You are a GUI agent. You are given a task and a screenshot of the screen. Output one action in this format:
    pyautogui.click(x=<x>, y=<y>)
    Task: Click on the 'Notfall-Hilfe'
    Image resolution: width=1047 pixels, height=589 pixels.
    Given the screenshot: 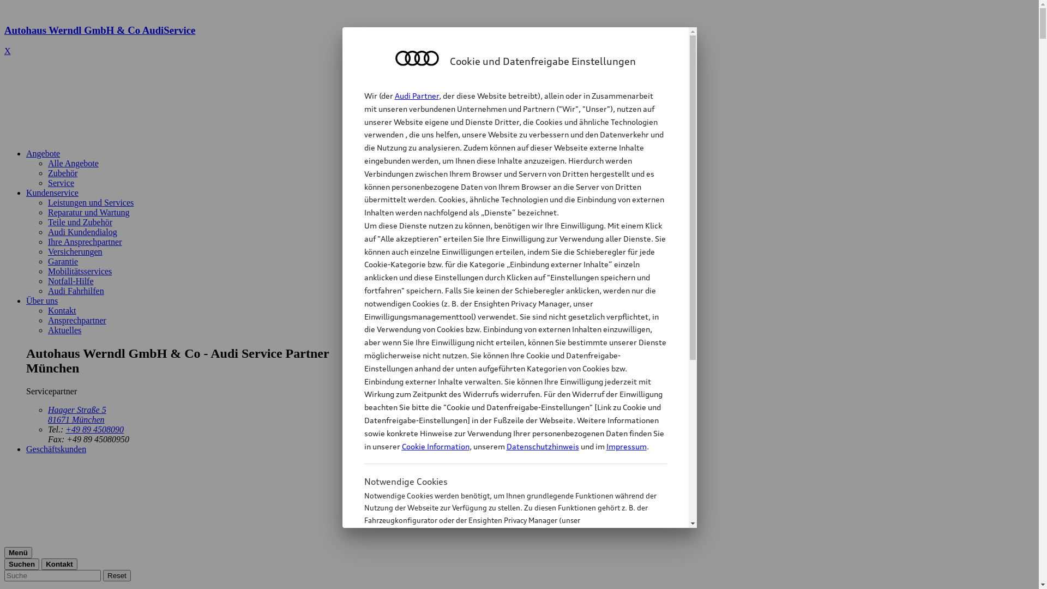 What is the action you would take?
    pyautogui.click(x=47, y=280)
    